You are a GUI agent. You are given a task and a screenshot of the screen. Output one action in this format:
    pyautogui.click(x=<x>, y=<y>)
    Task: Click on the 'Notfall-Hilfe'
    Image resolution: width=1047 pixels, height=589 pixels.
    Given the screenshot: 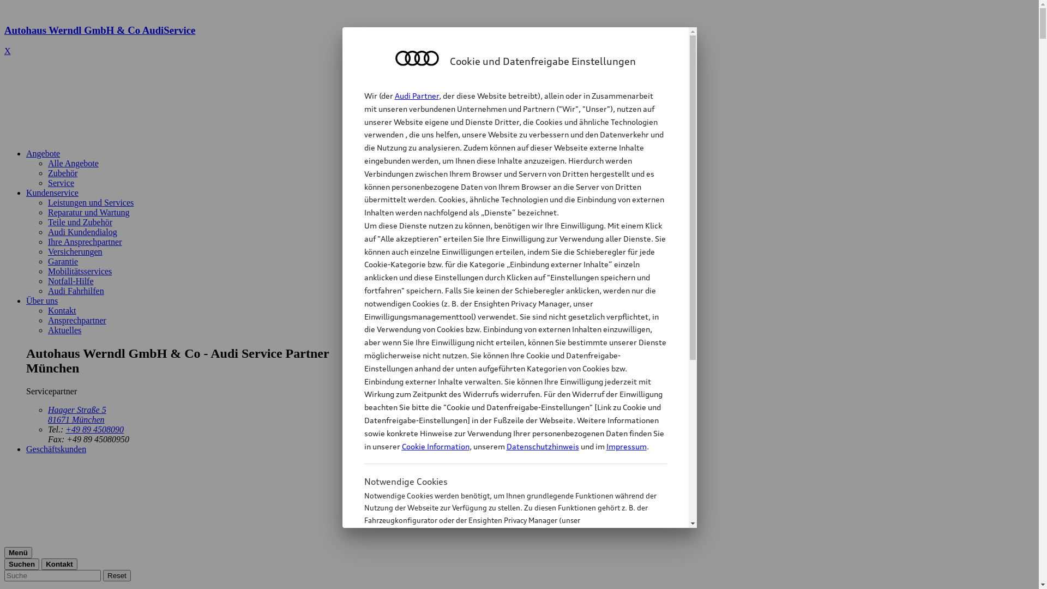 What is the action you would take?
    pyautogui.click(x=47, y=280)
    